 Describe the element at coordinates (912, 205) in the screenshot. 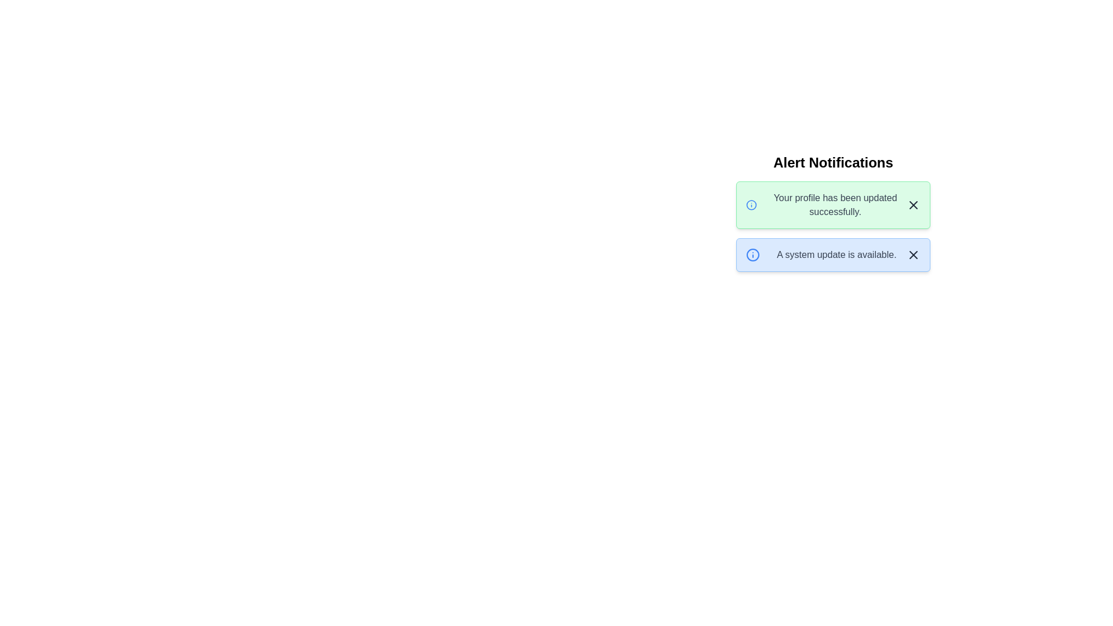

I see `the close button located at the top-right corner of the green notification box labeled 'Your profile has been updated successfully'` at that location.